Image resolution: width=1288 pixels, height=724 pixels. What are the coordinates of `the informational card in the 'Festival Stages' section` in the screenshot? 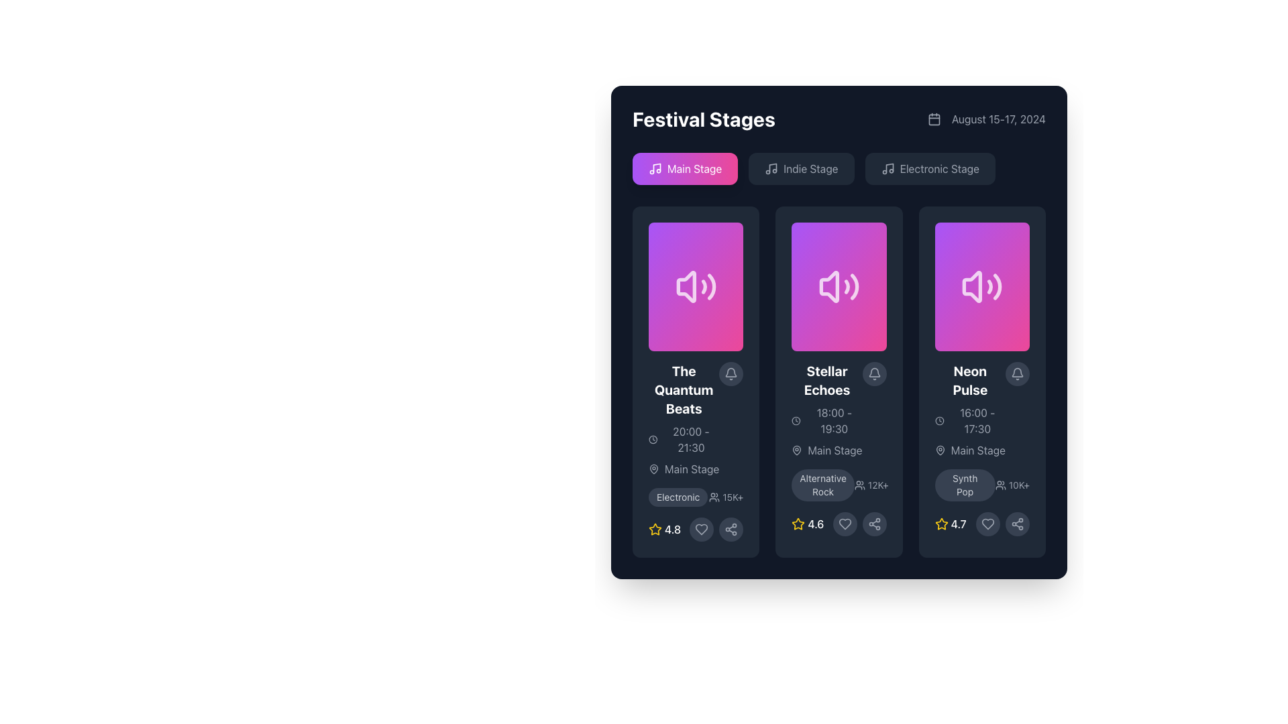 It's located at (696, 382).